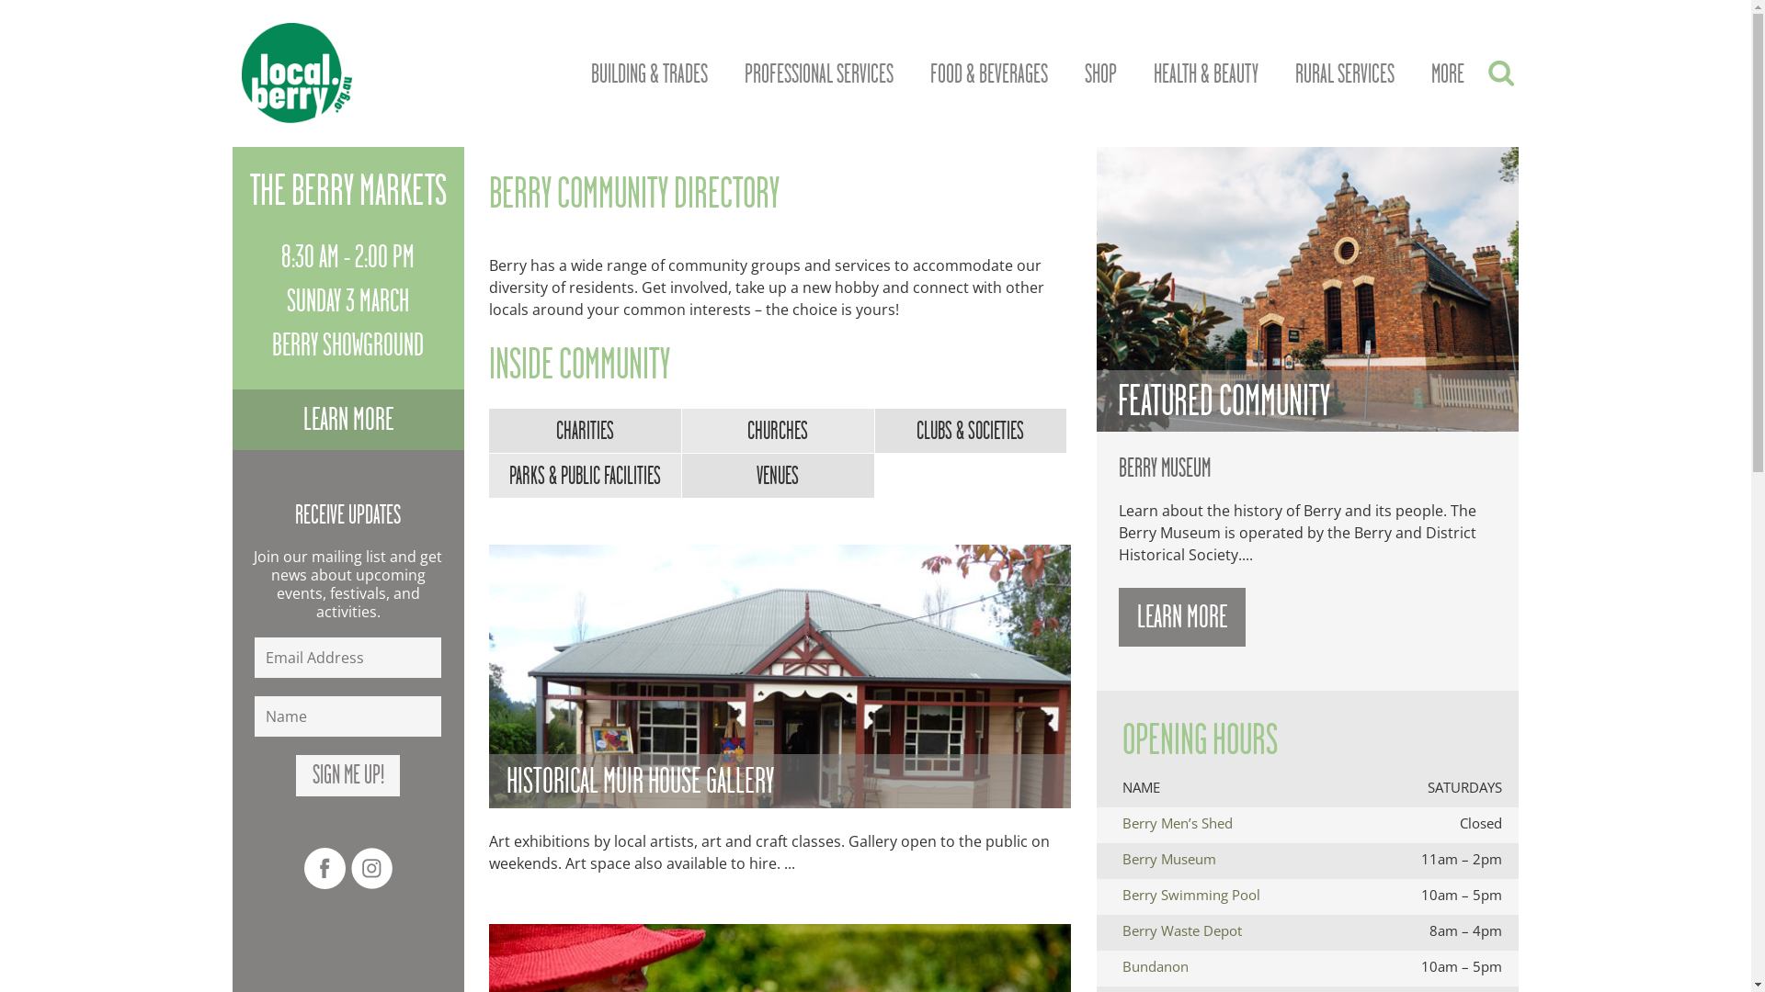  What do you see at coordinates (585, 475) in the screenshot?
I see `'PARKS & PUBLIC FACILITIES'` at bounding box center [585, 475].